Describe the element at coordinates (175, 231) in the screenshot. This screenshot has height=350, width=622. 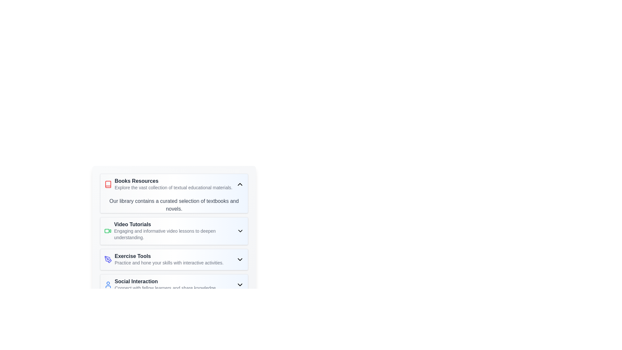
I see `the Text display component that shows 'Video Tutorials' and 'Engaging and informative video lessons to deepen understanding.'` at that location.